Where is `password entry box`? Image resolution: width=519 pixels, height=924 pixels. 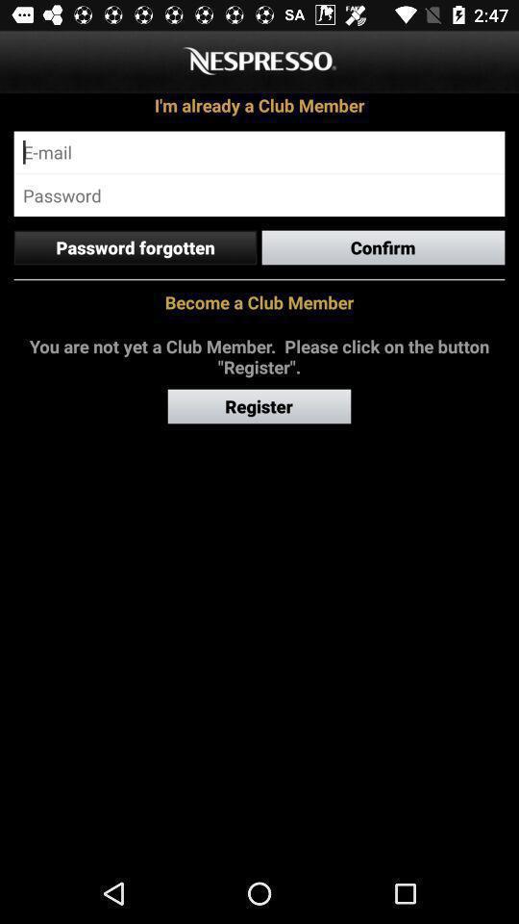 password entry box is located at coordinates (259, 195).